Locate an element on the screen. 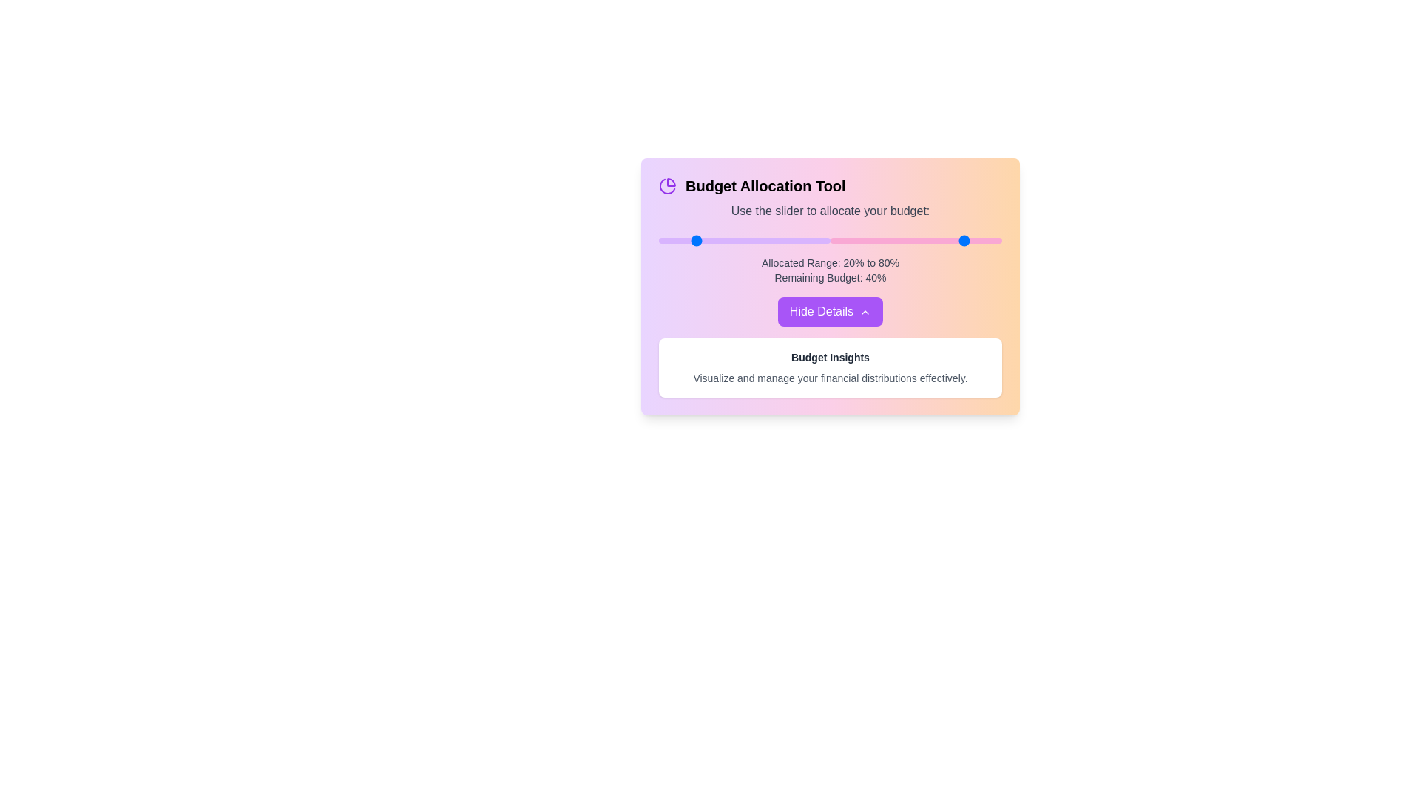 Image resolution: width=1420 pixels, height=798 pixels. 'Hide Details' button to toggle the visibility of the details section is located at coordinates (831, 310).